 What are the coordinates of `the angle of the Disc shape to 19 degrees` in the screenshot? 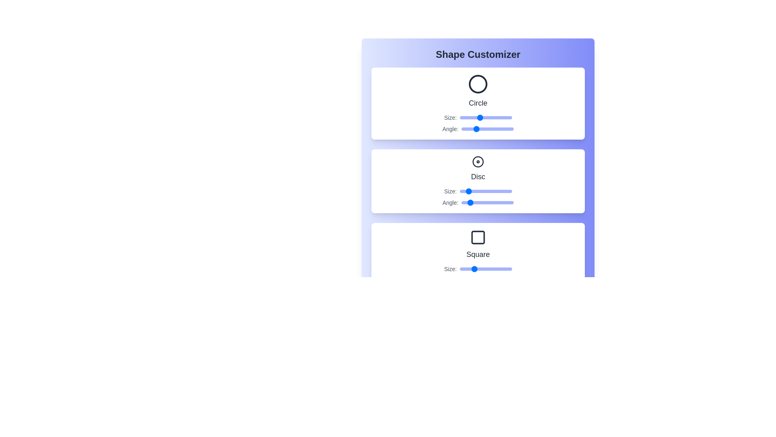 It's located at (464, 202).